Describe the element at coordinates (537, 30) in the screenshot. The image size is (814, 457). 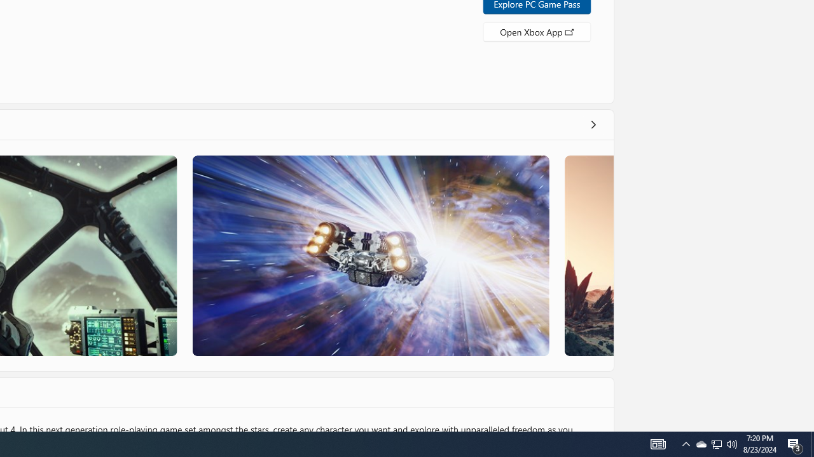
I see `'Open Xbox App'` at that location.